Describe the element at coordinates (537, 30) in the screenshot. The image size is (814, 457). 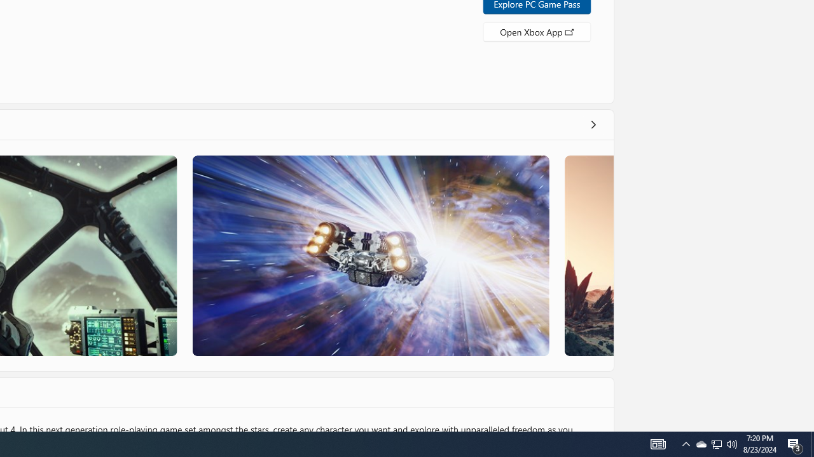
I see `'Open Xbox App'` at that location.